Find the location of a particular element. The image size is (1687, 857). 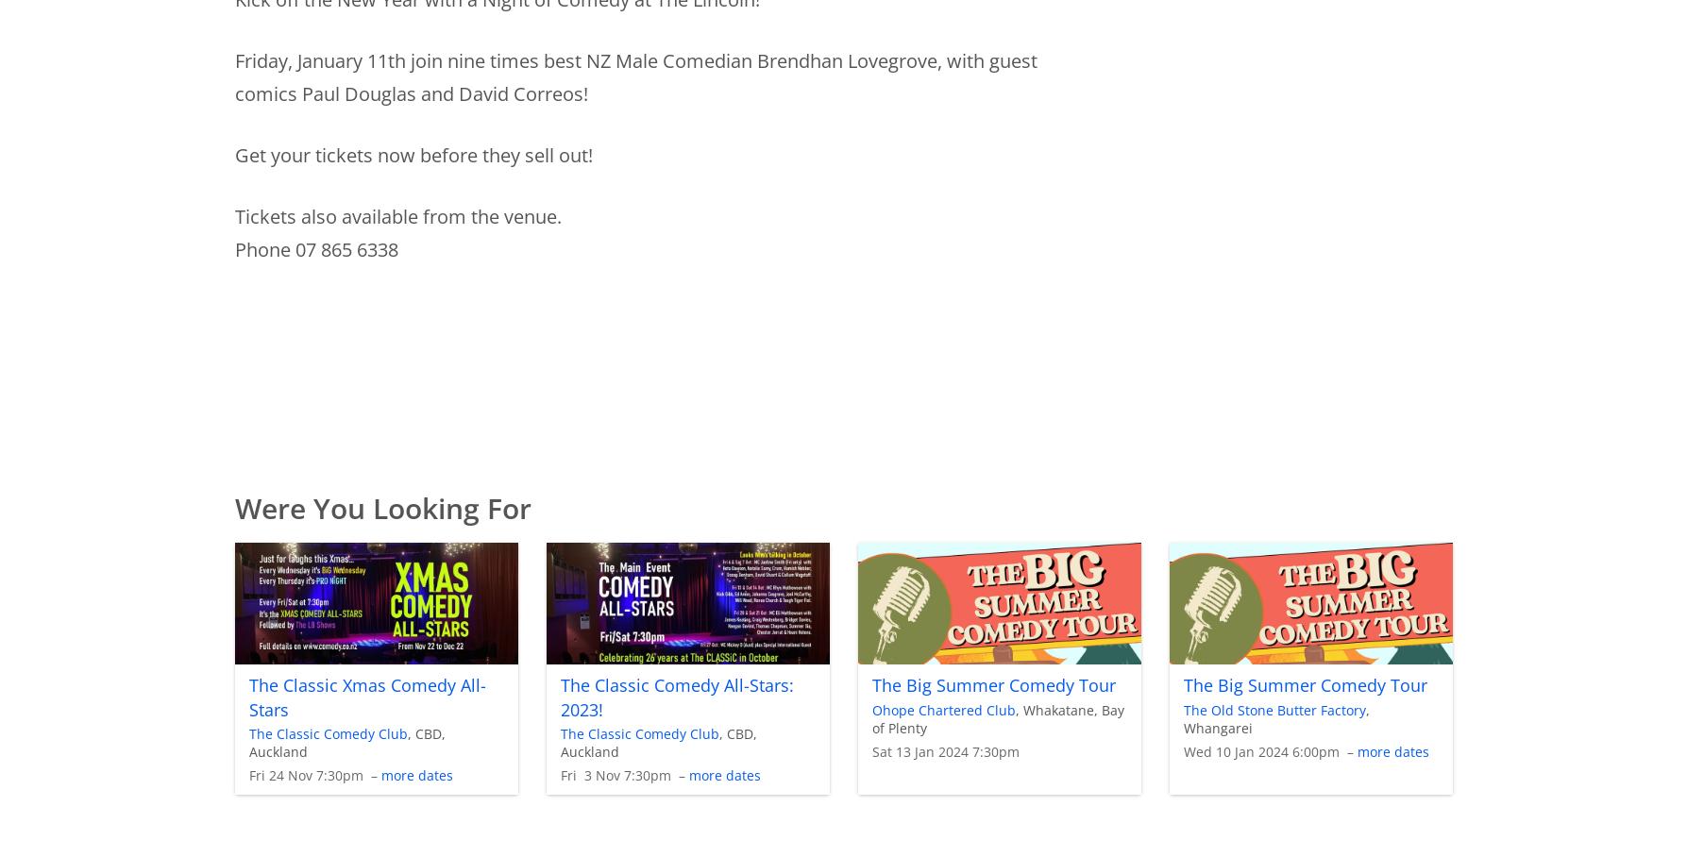

'Tickets also available from the venue.' is located at coordinates (397, 215).